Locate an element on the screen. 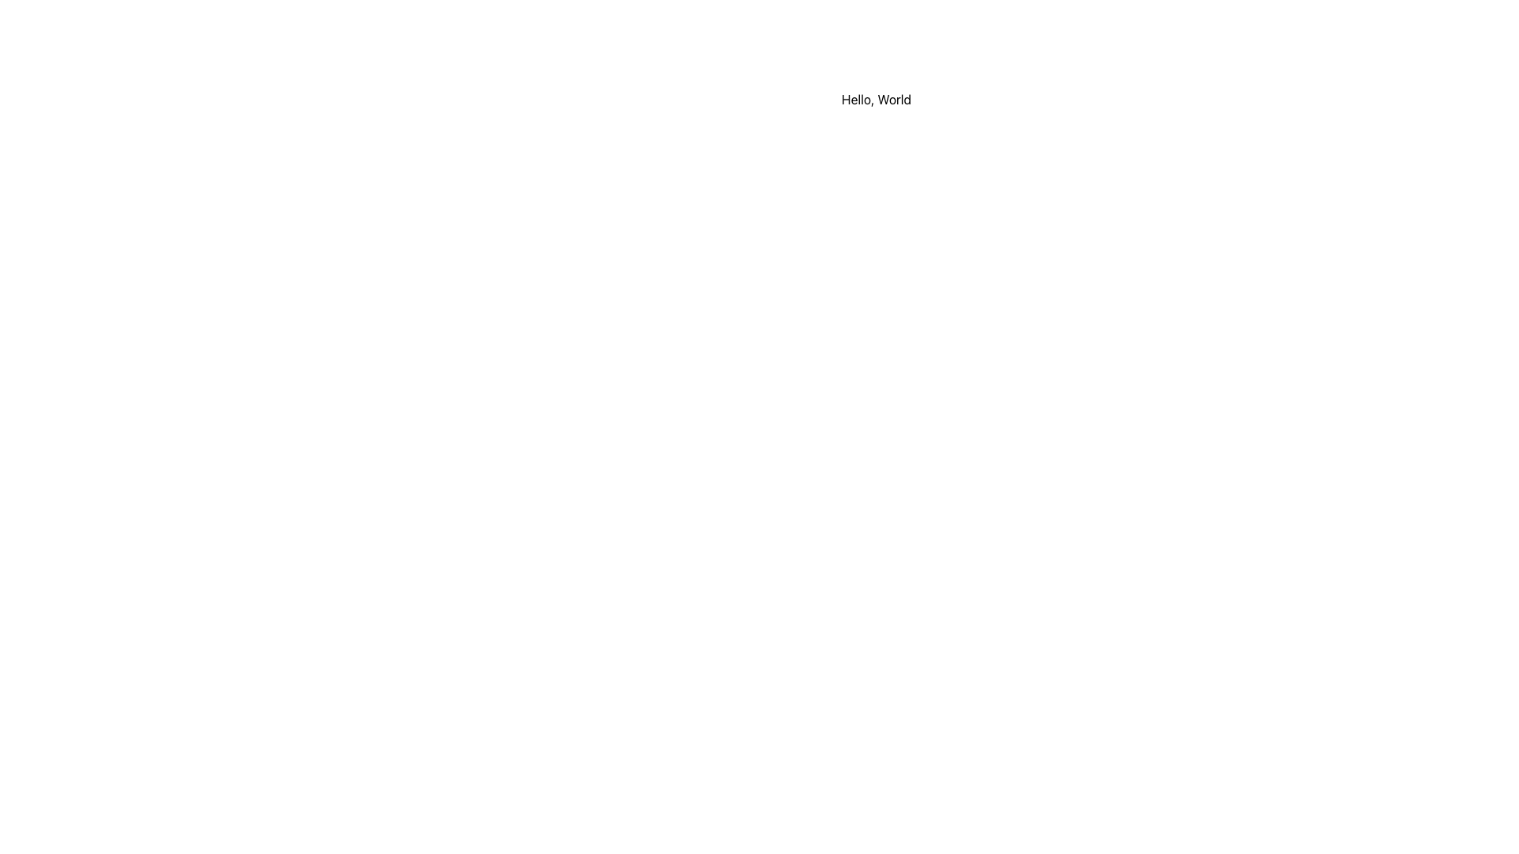 Image resolution: width=1519 pixels, height=854 pixels. the Static Text Label positioned near the top of the centered white box in the interface is located at coordinates (876, 100).